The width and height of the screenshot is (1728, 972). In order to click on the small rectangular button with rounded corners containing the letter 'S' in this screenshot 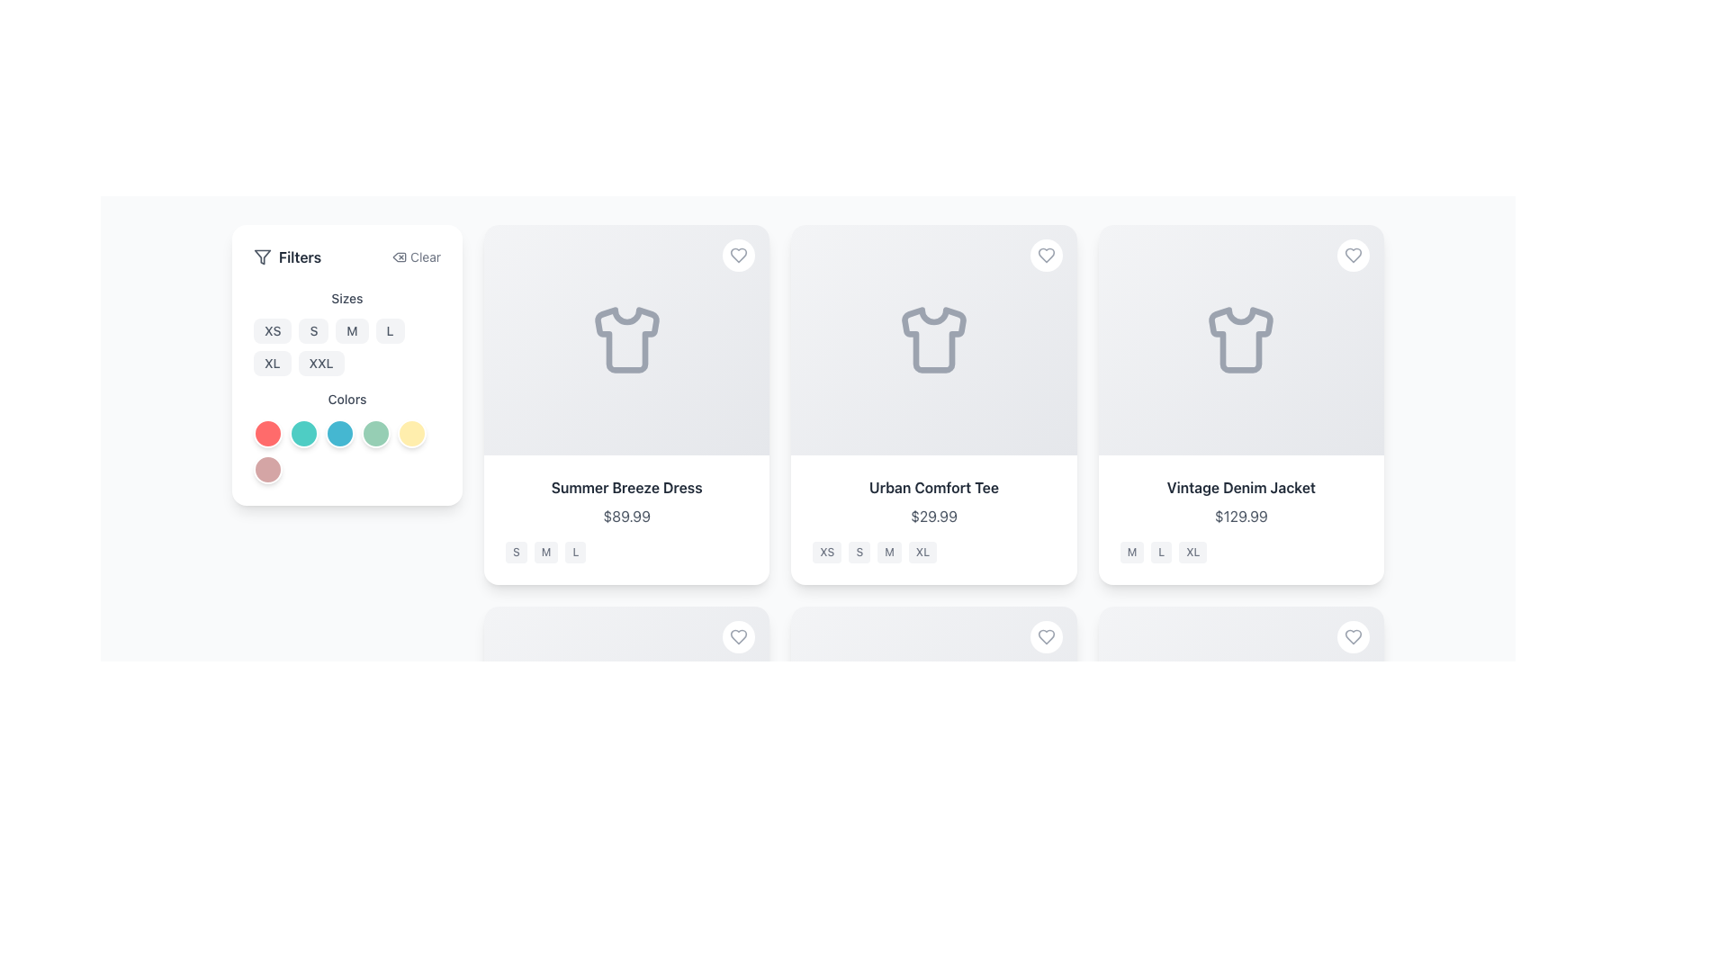, I will do `click(515, 932)`.